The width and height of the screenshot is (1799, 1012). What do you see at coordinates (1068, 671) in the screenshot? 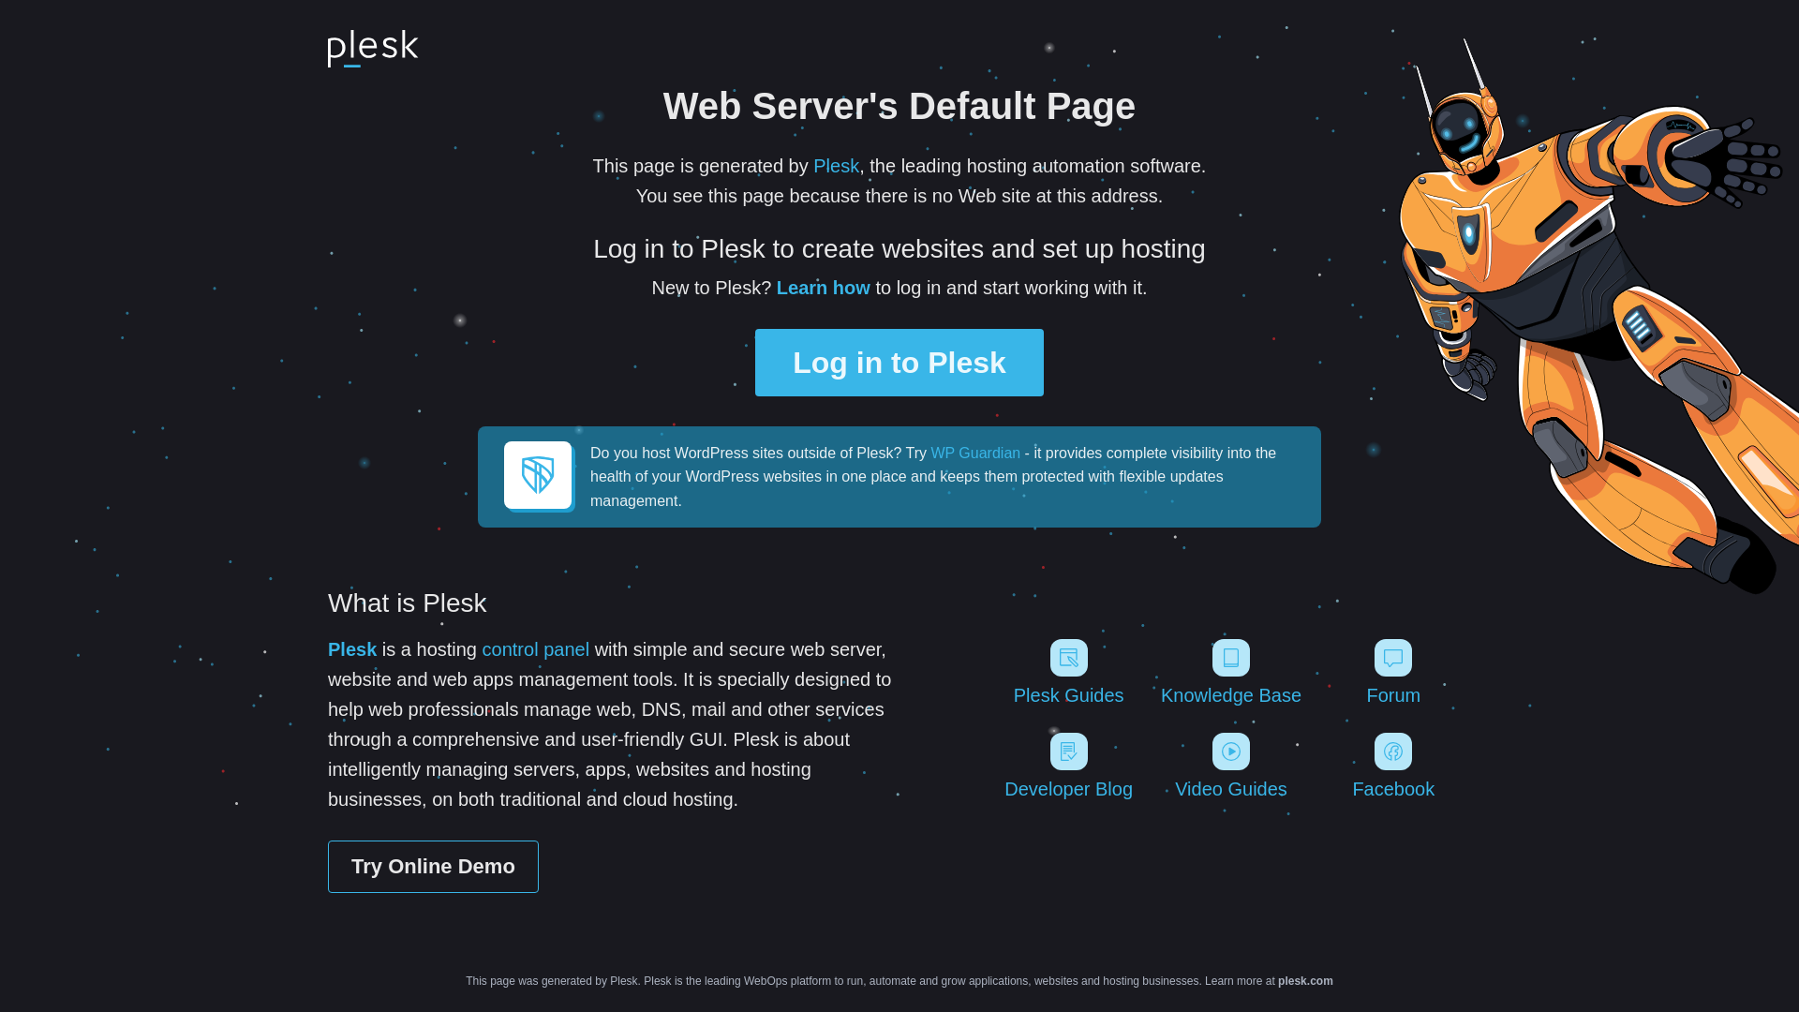
I see `'Plesk Guides'` at bounding box center [1068, 671].